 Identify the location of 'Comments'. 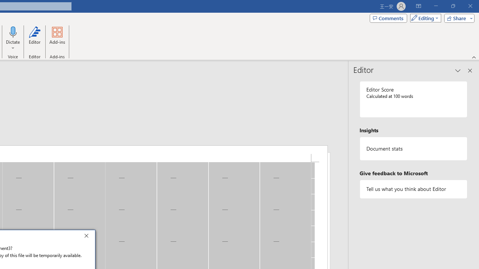
(388, 18).